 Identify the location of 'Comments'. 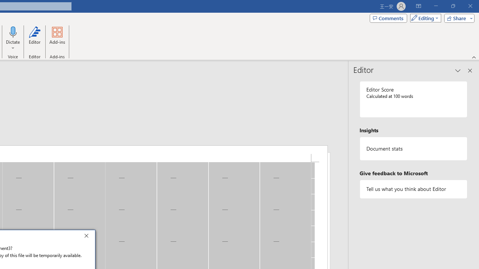
(388, 18).